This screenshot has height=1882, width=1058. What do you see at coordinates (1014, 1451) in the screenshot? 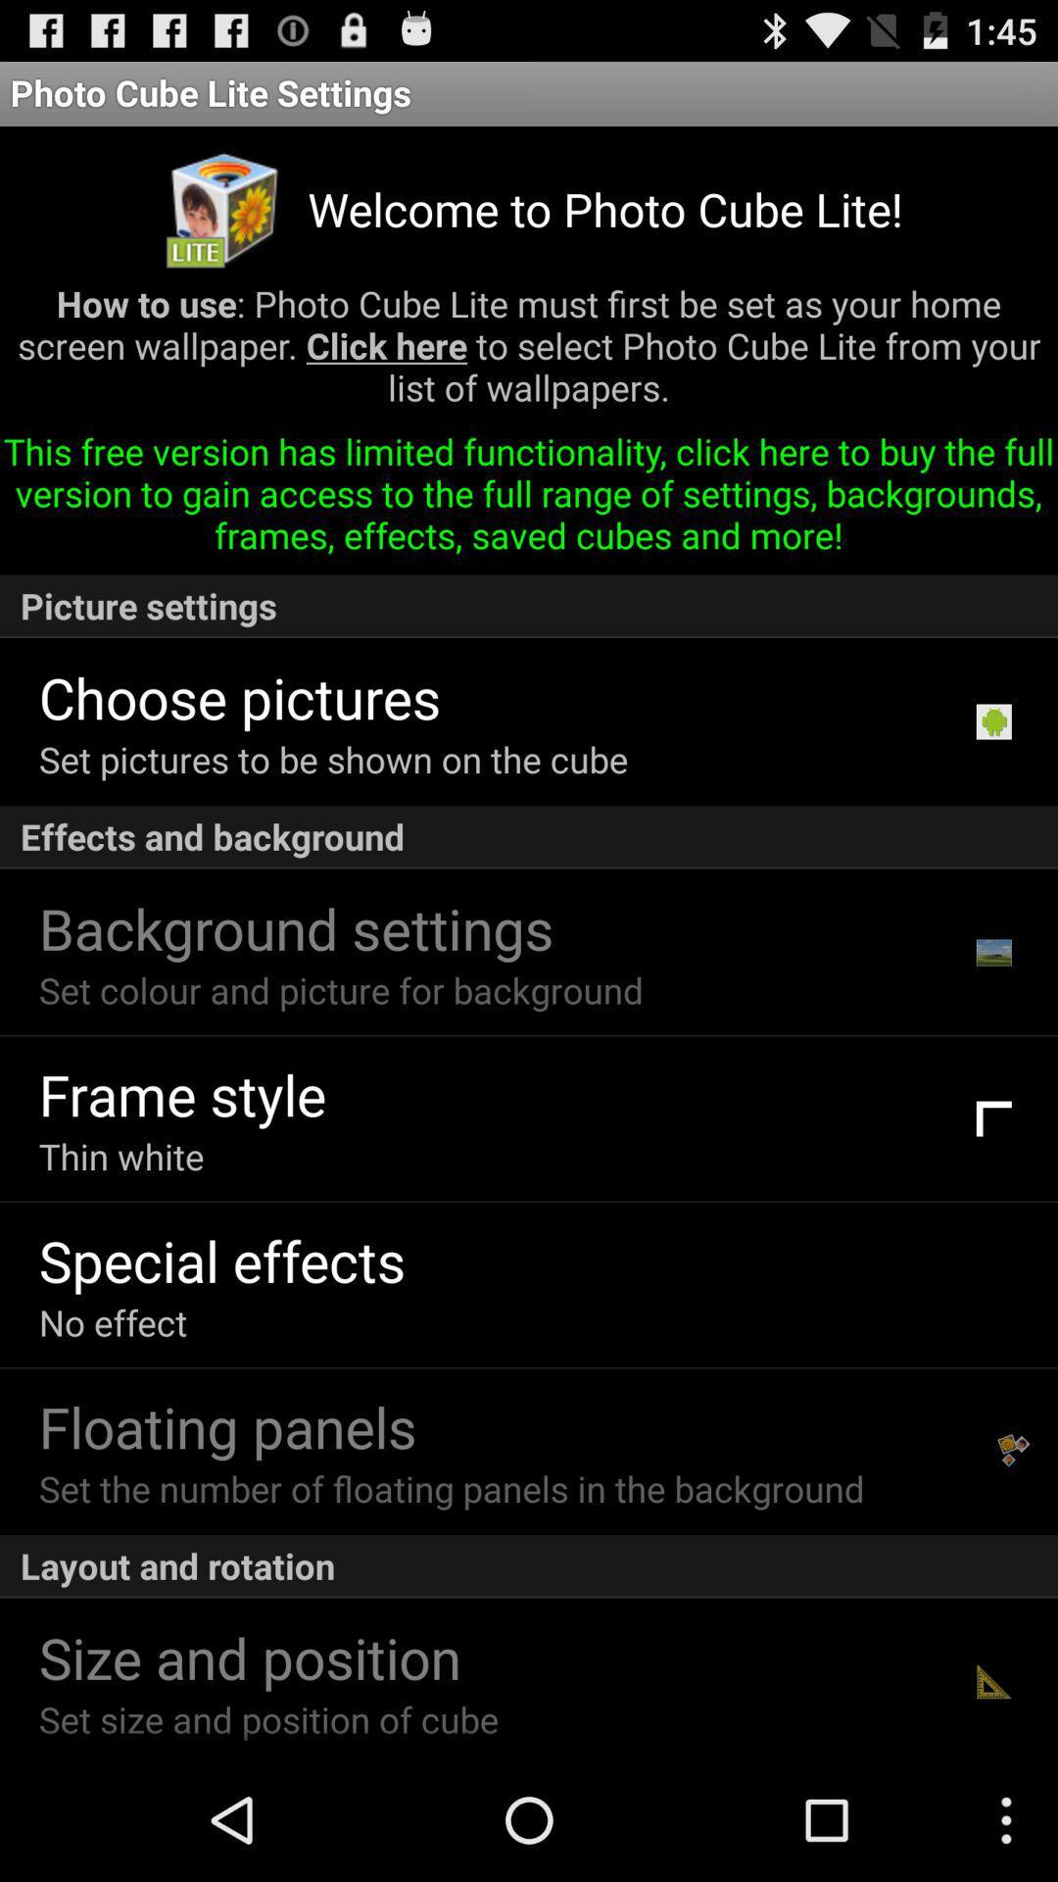
I see `the item to the right of set the number icon` at bounding box center [1014, 1451].